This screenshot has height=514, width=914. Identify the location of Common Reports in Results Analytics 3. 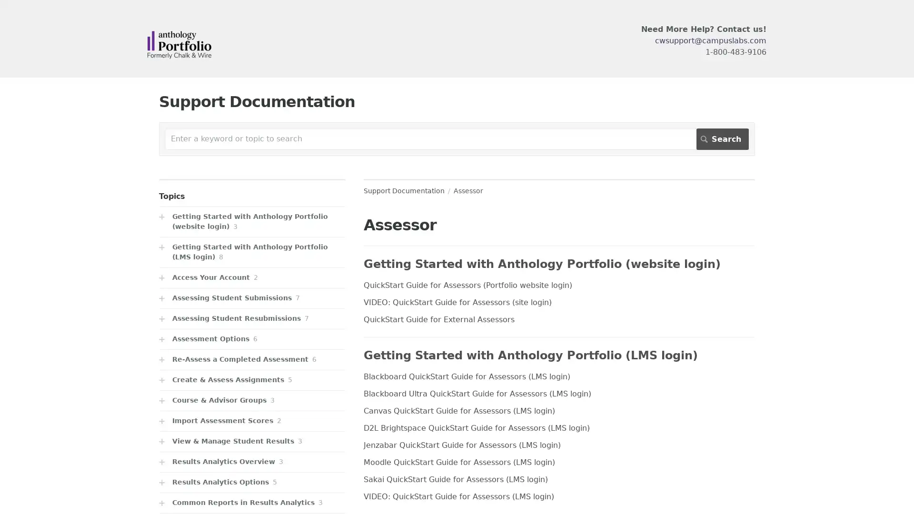
(252, 502).